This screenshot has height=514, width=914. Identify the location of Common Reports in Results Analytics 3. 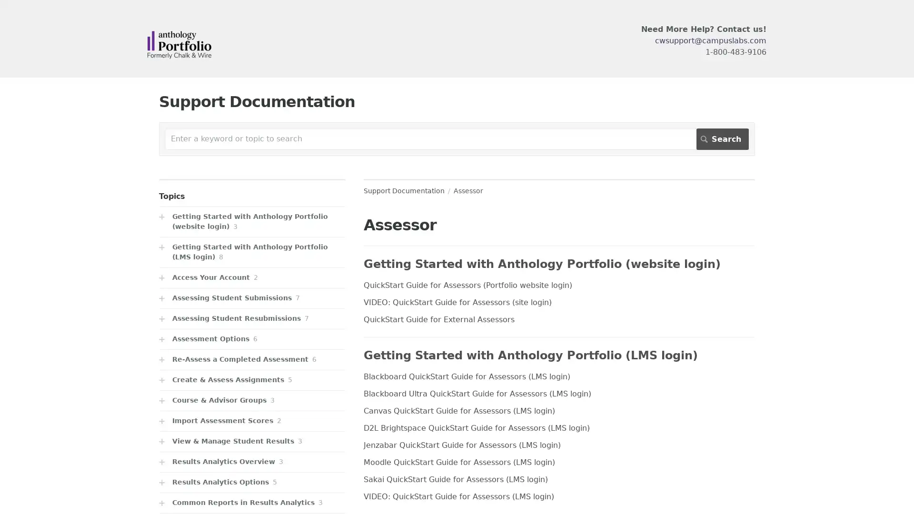
(252, 502).